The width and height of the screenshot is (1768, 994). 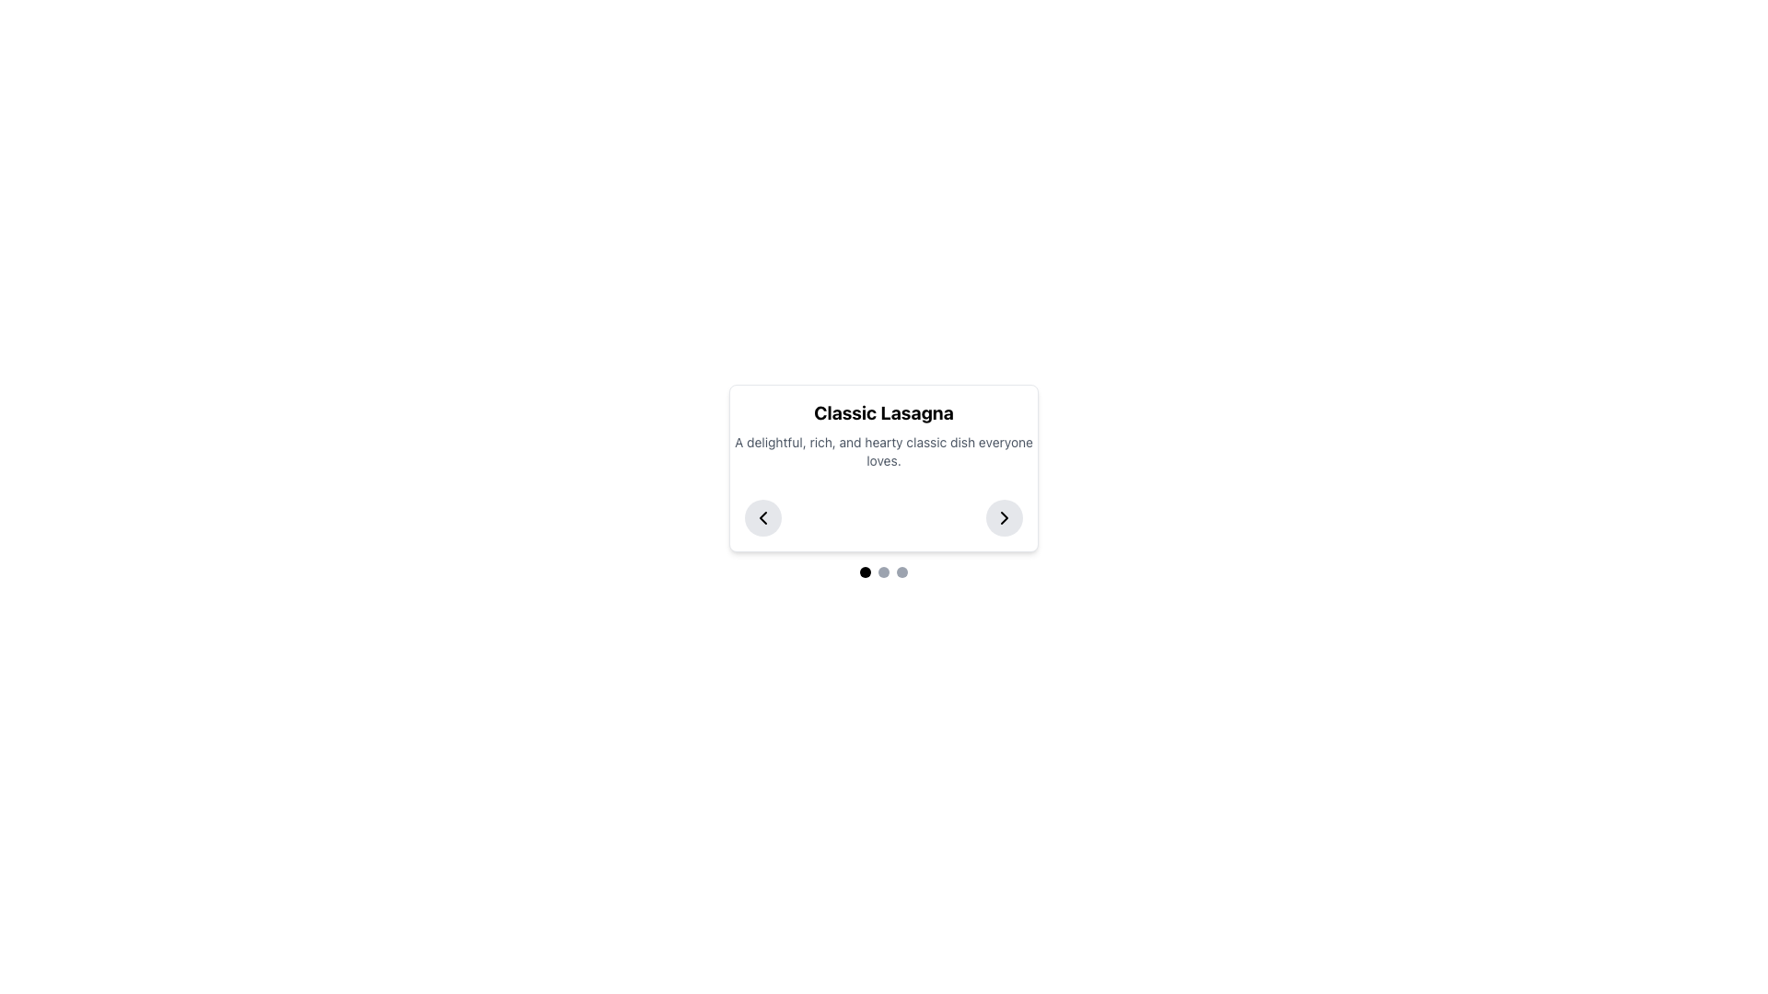 I want to click on the first Indicator Dot in the carousel representing the active state for 'Classic Lasagna', so click(x=865, y=571).